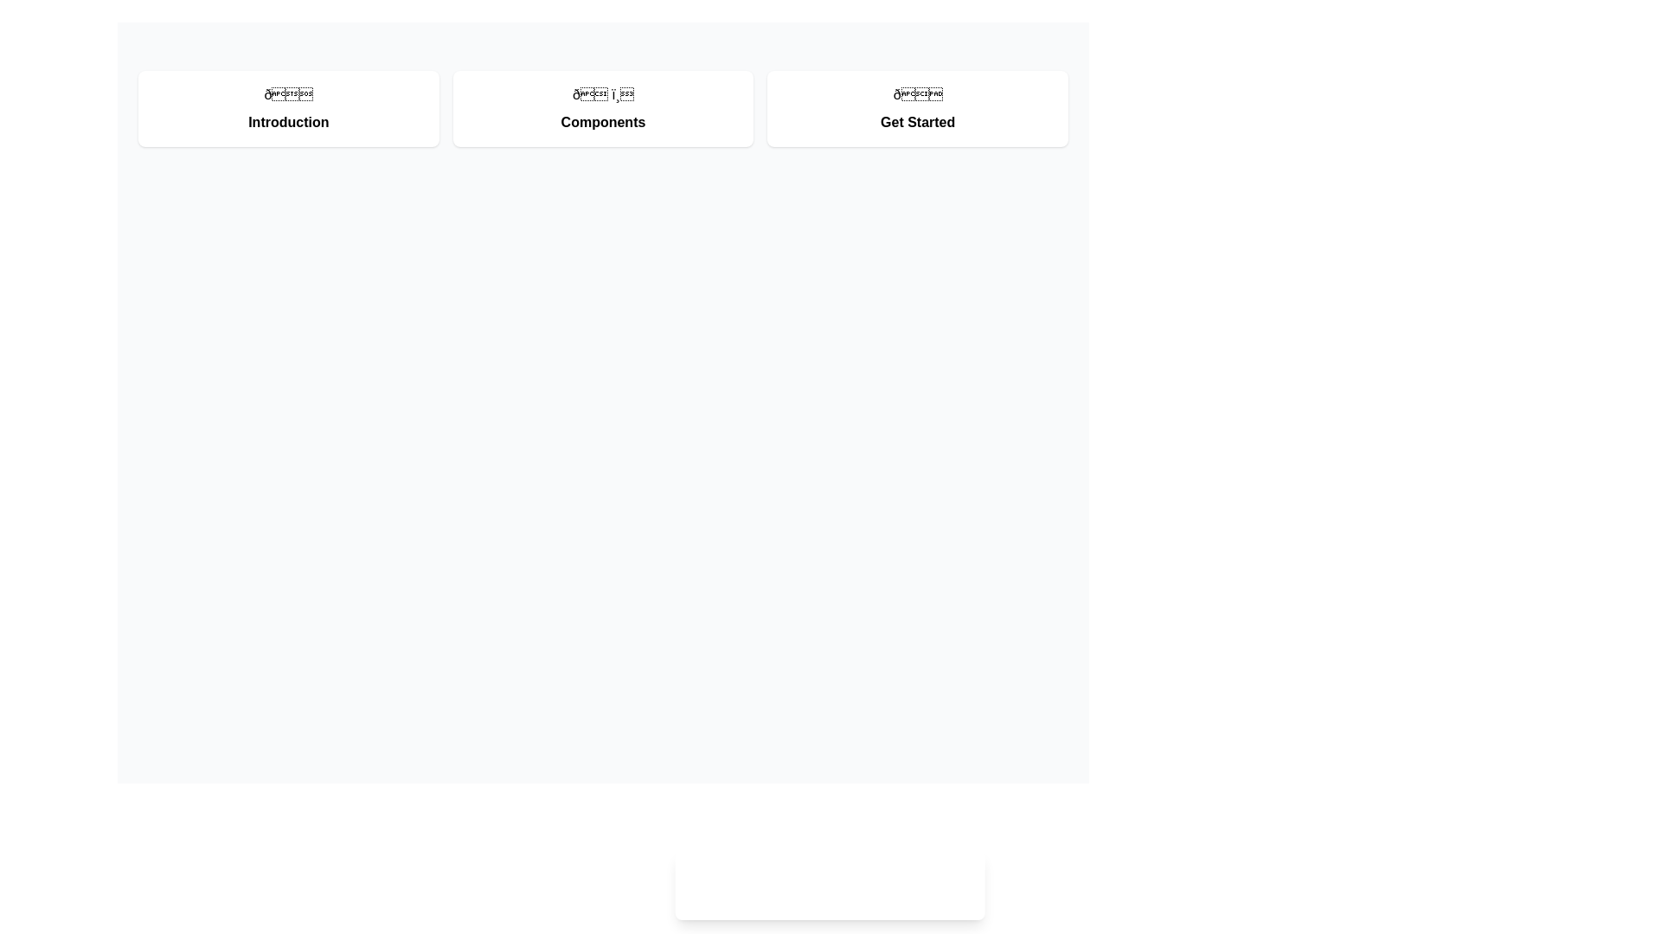 The width and height of the screenshot is (1661, 934). Describe the element at coordinates (917, 122) in the screenshot. I see `the bold 'Get Started' text label, which is centrally positioned in the rightmost card-like section of the interface` at that location.